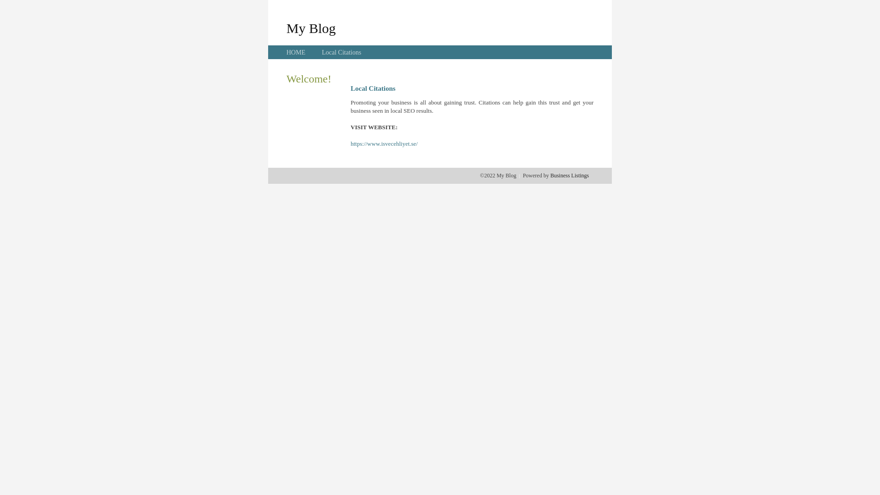  Describe the element at coordinates (384, 143) in the screenshot. I see `'https://www.isvecehliyet.se/'` at that location.